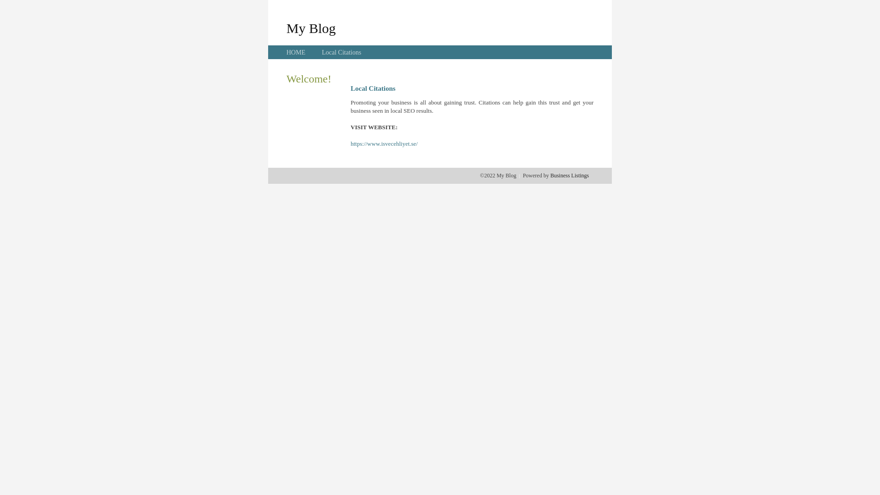  Describe the element at coordinates (384, 143) in the screenshot. I see `'https://www.isvecehliyet.se/'` at that location.